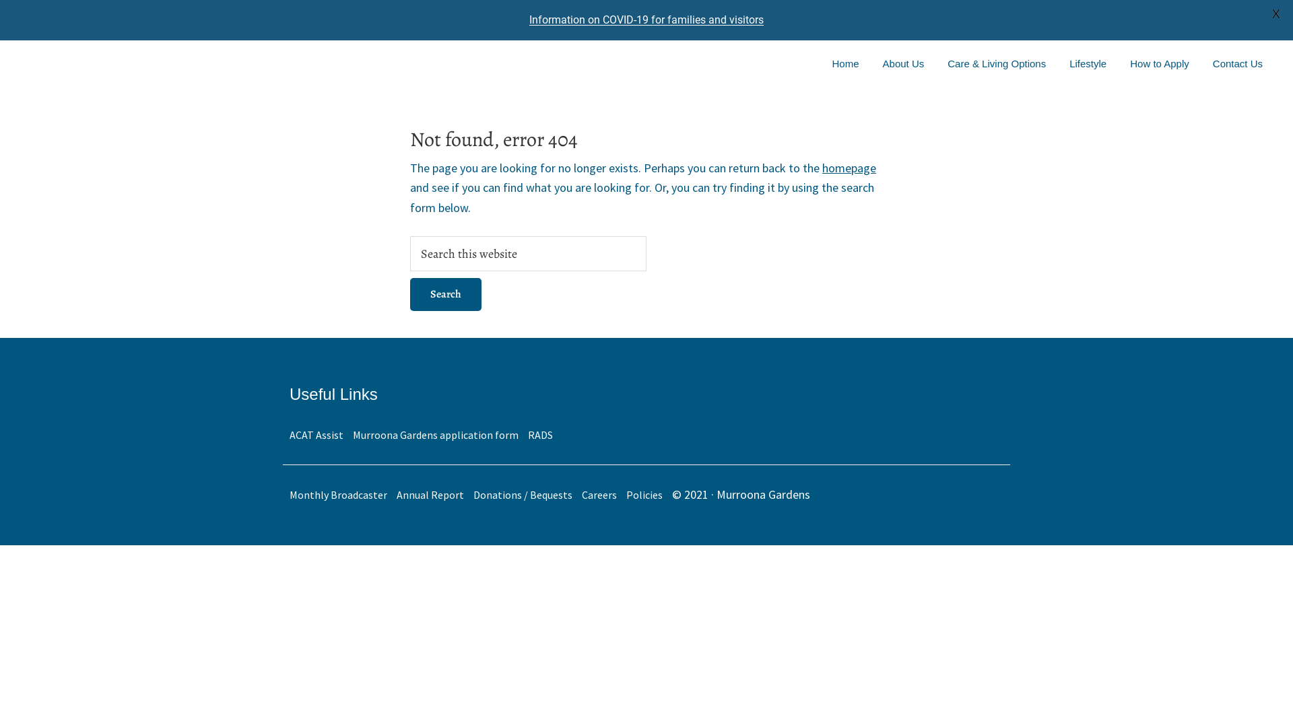  What do you see at coordinates (341, 495) in the screenshot?
I see `'Monthly Broadcaster'` at bounding box center [341, 495].